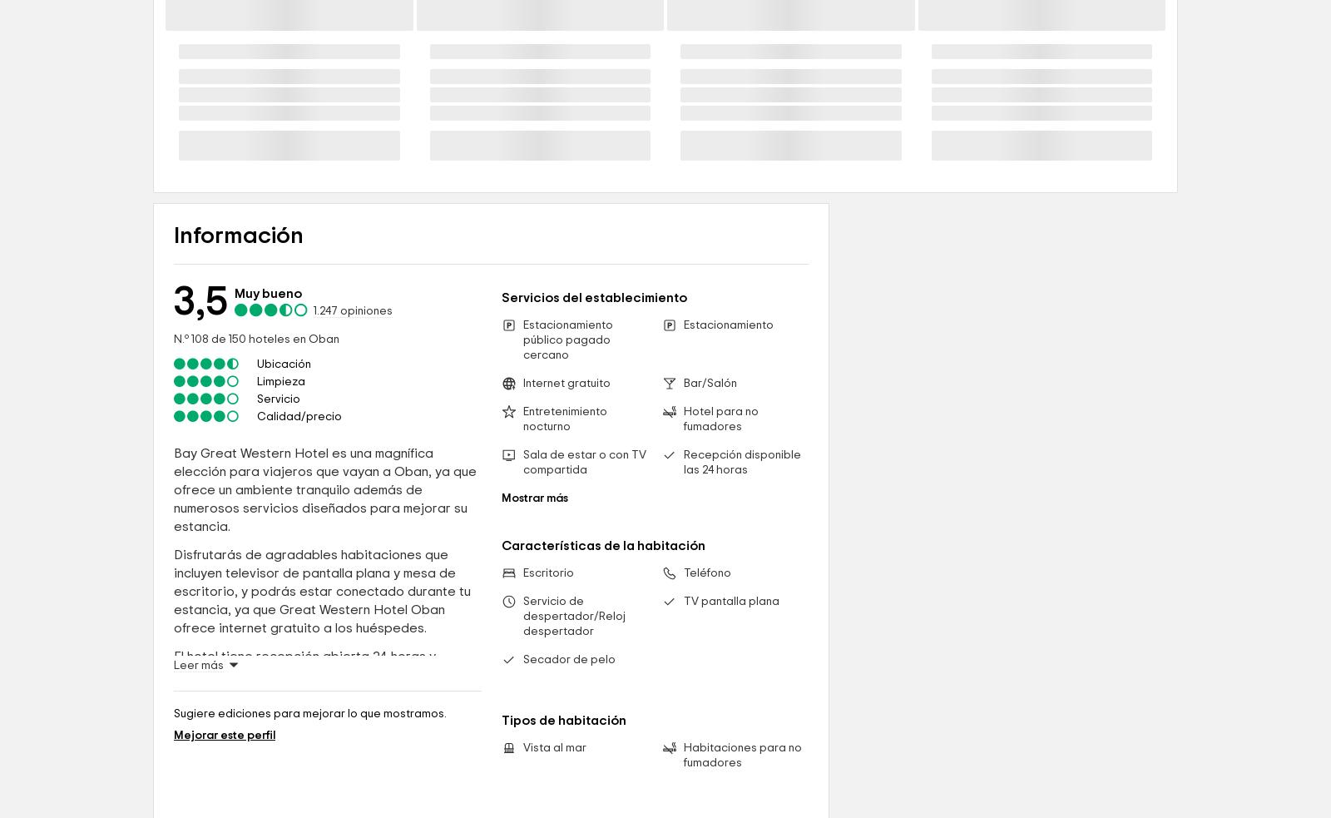 This screenshot has height=818, width=1331. Describe the element at coordinates (727, 468) in the screenshot. I see `'Estacionamiento'` at that location.